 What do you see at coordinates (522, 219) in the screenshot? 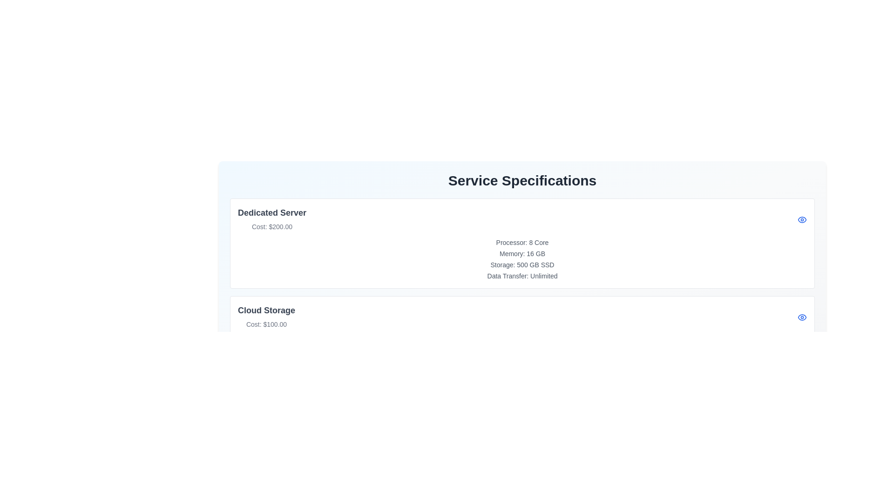
I see `the informational section that provides an overview of a server option, including its name and cost` at bounding box center [522, 219].